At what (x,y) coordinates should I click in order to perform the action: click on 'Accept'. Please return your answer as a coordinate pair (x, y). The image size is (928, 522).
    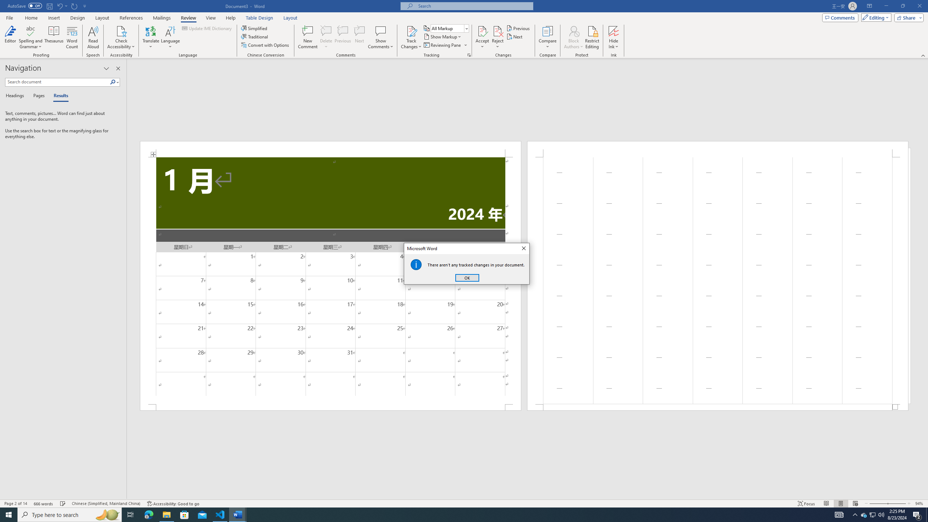
    Looking at the image, I should click on (482, 37).